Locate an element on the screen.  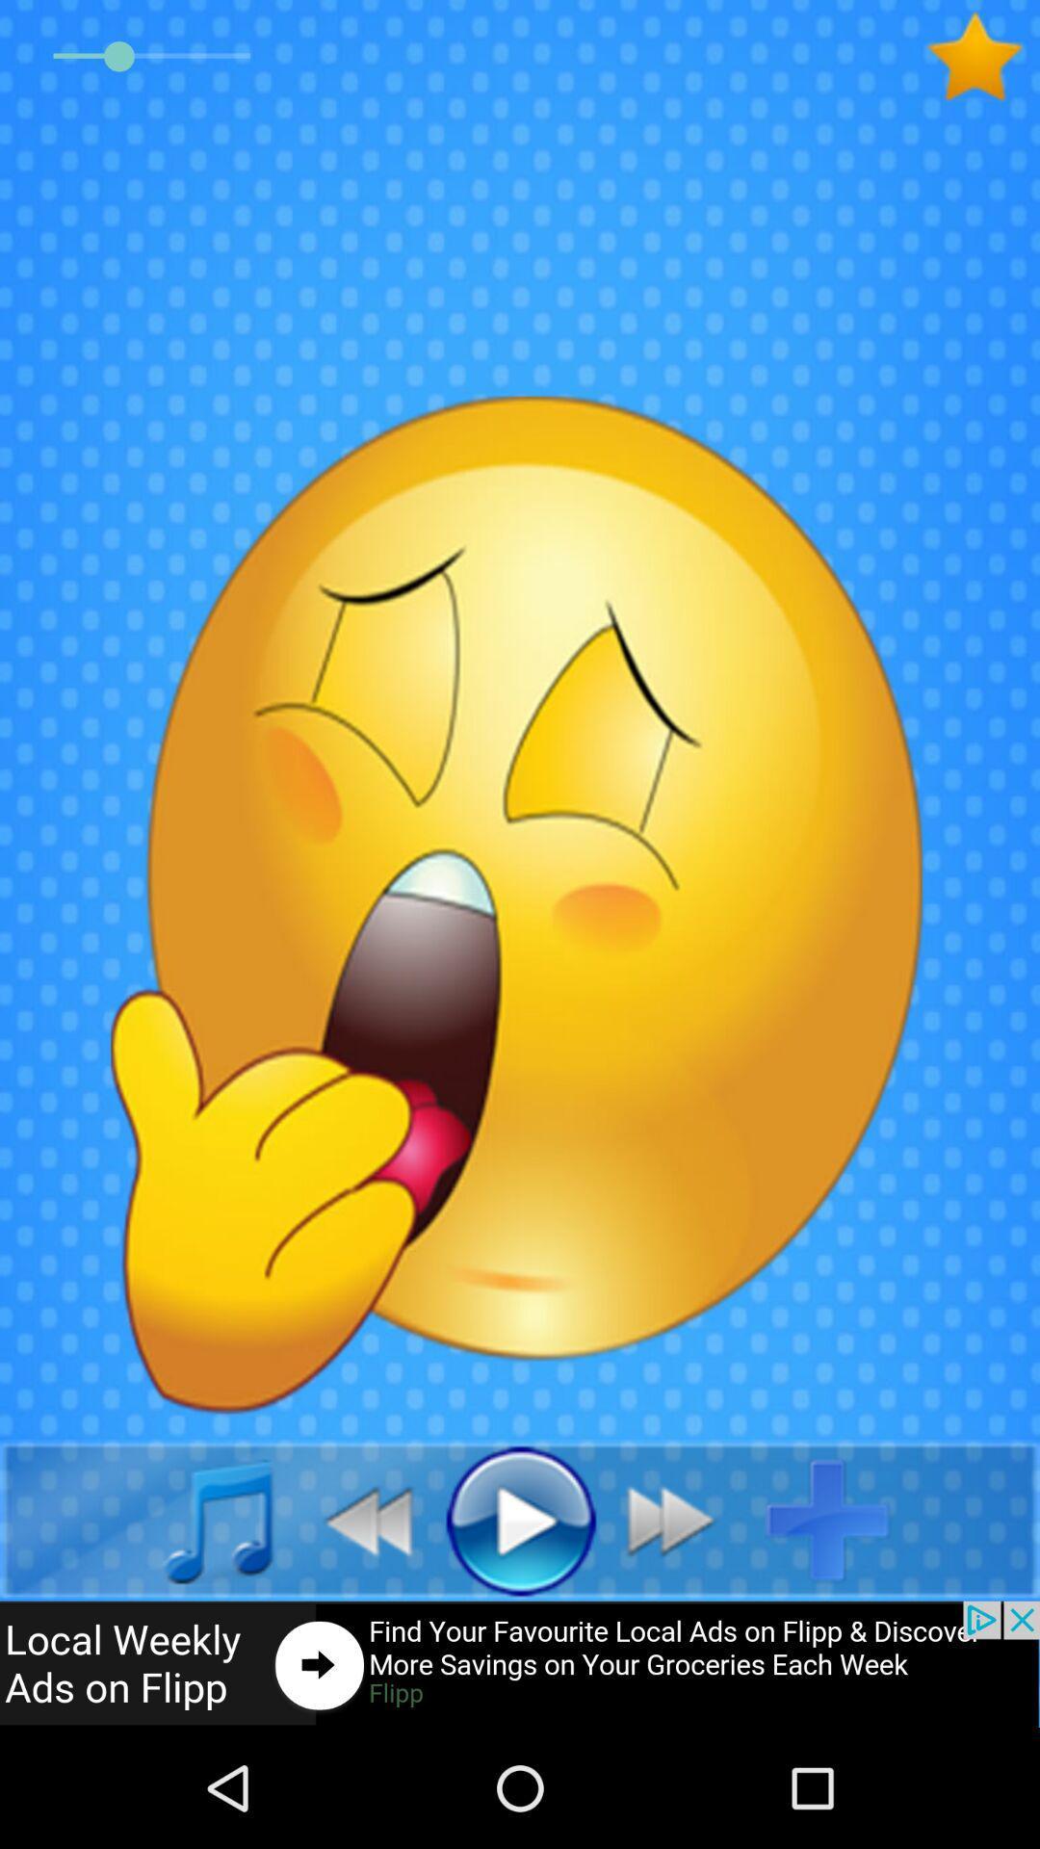
click next option is located at coordinates (681, 1519).